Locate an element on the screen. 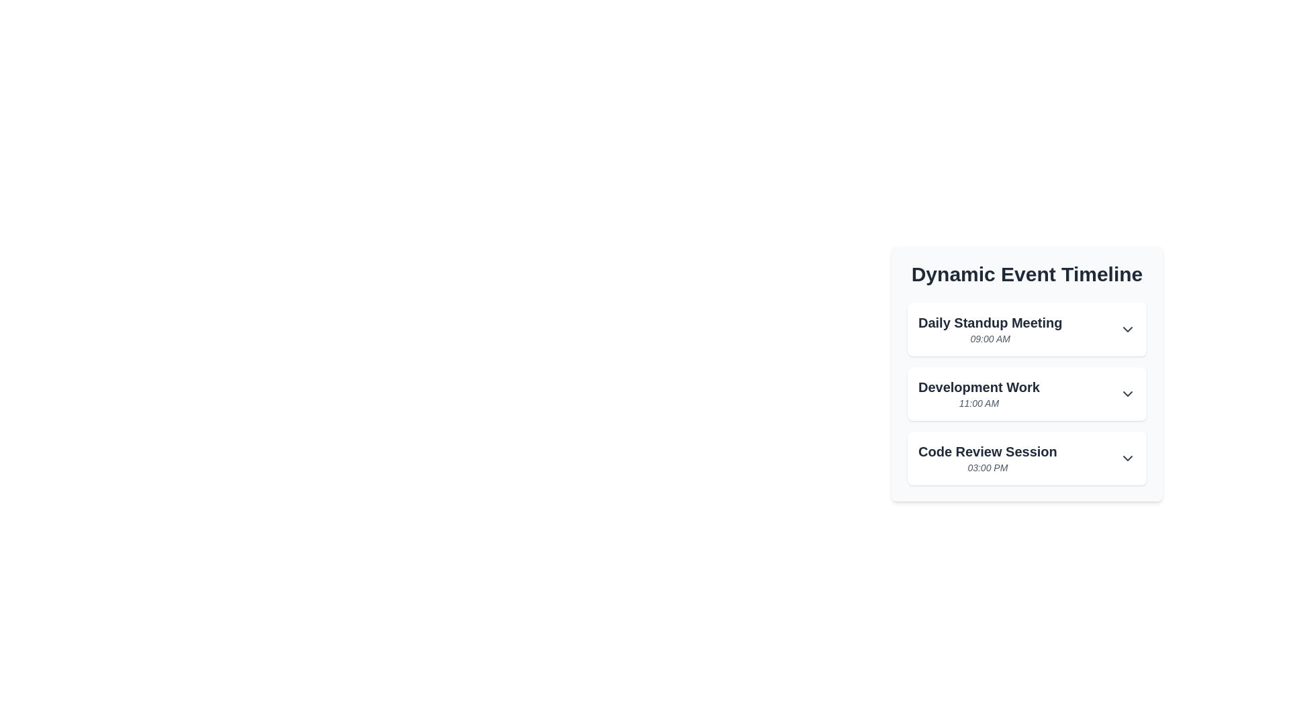 The height and width of the screenshot is (725, 1289). the title text label indicating the name of an event or session, which is positioned above the time '03:00 PM' in the 'Dynamic Event Timeline' panel is located at coordinates (988, 451).